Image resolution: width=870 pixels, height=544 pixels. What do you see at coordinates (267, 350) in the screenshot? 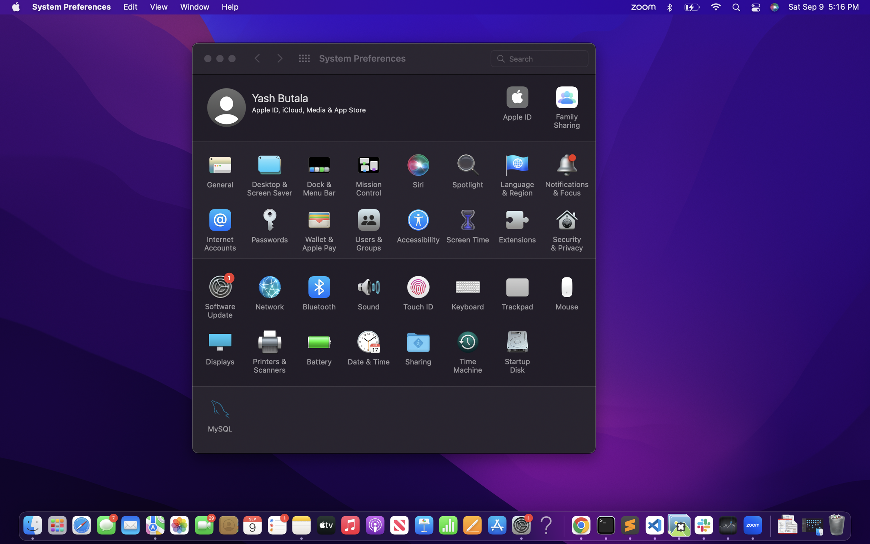
I see `Check the settings to change default printer` at bounding box center [267, 350].